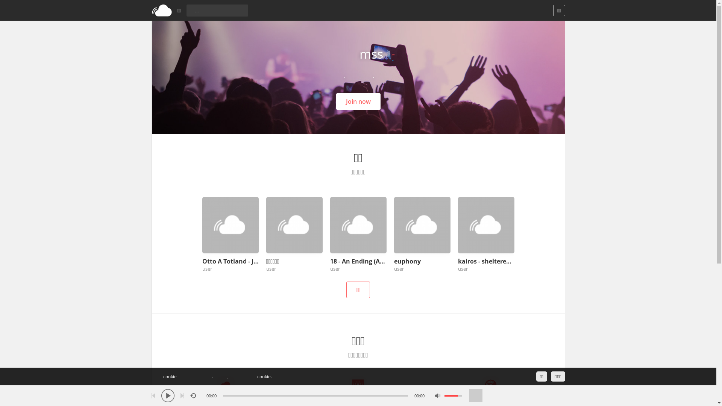 The image size is (722, 406). What do you see at coordinates (230, 261) in the screenshot?
I see `'Otto A Totland - Jonas'` at bounding box center [230, 261].